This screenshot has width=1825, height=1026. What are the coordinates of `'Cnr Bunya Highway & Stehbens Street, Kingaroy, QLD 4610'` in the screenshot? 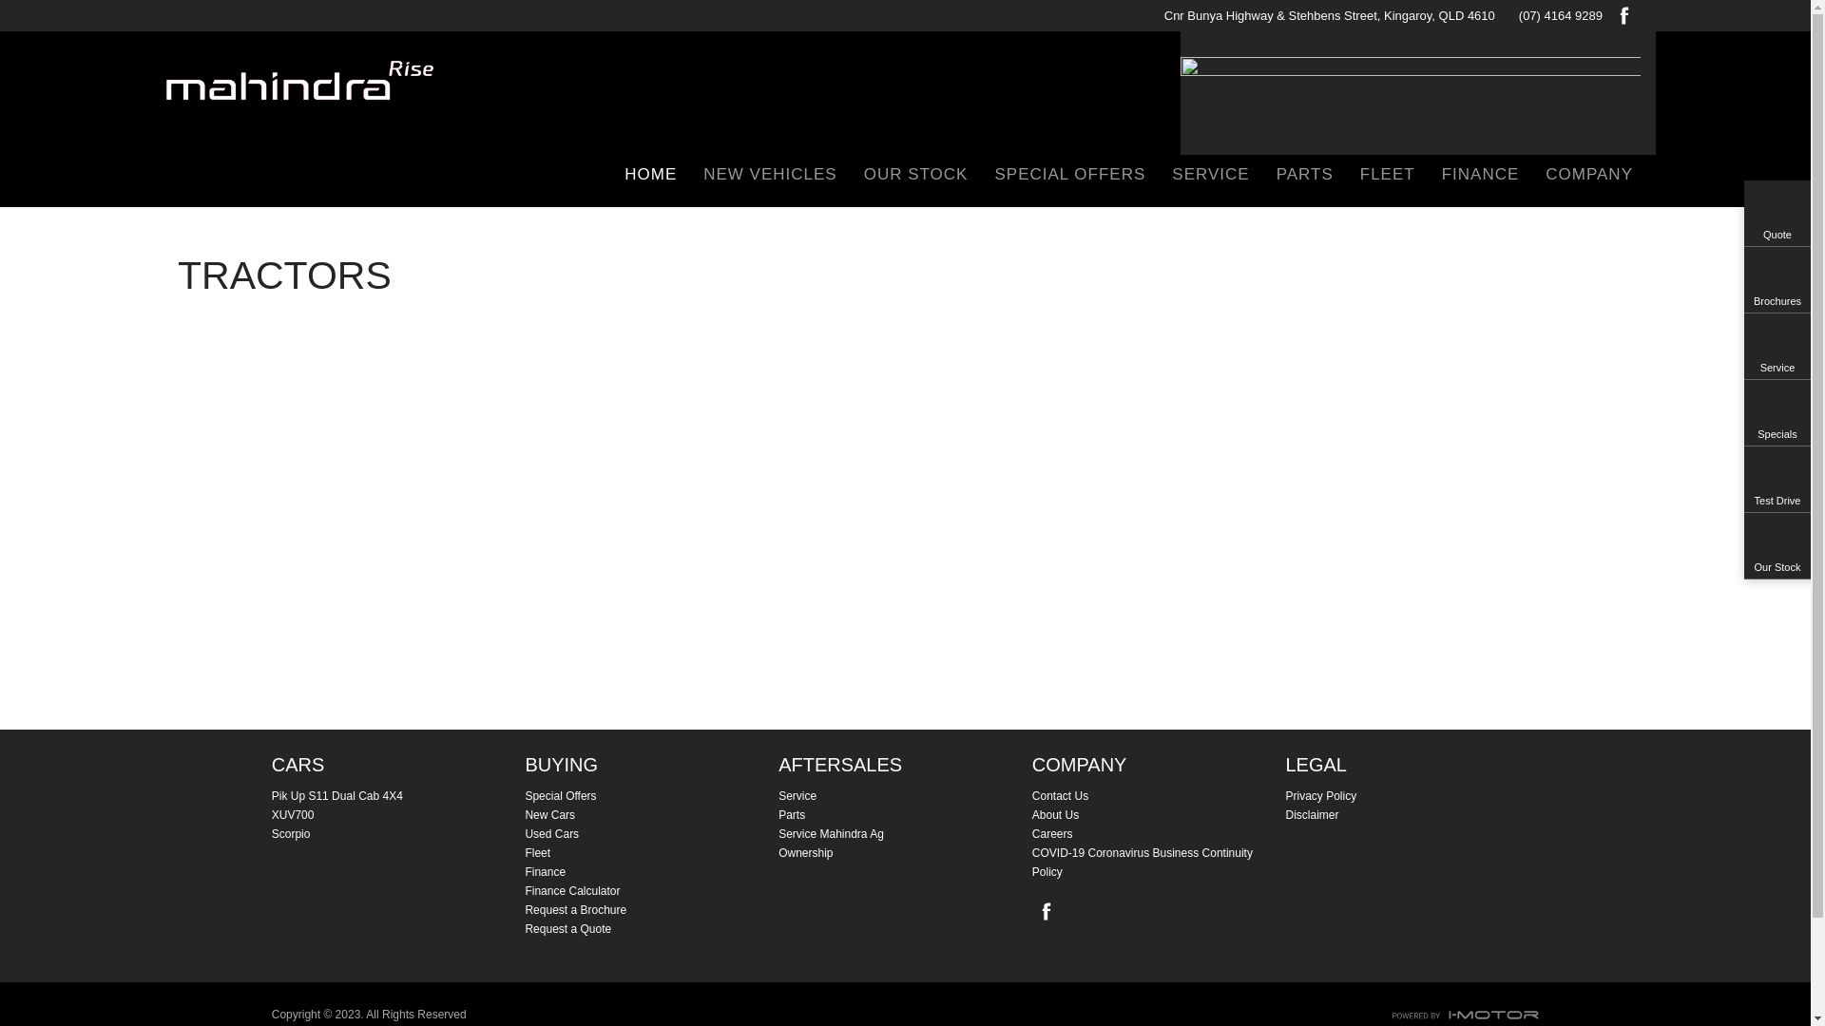 It's located at (1320, 15).